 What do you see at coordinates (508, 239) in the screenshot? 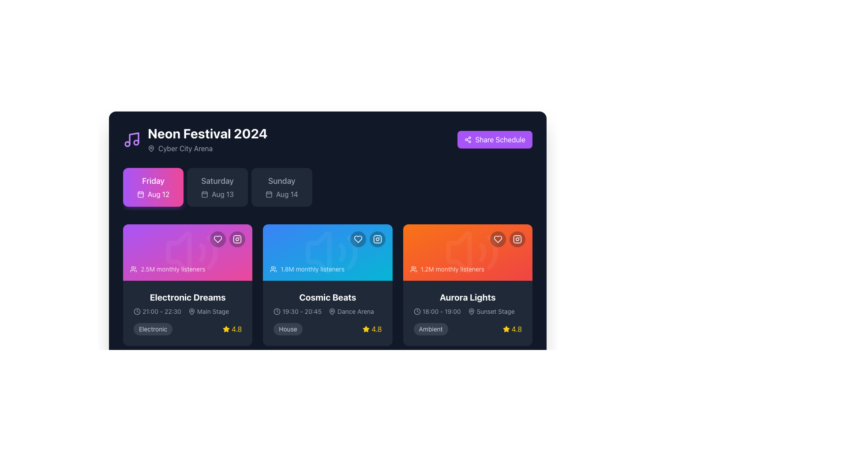
I see `the heart icon button in the interactive buttons located at the top-right corner of the orange gradient card labeled '1.2M monthly listeners'` at bounding box center [508, 239].